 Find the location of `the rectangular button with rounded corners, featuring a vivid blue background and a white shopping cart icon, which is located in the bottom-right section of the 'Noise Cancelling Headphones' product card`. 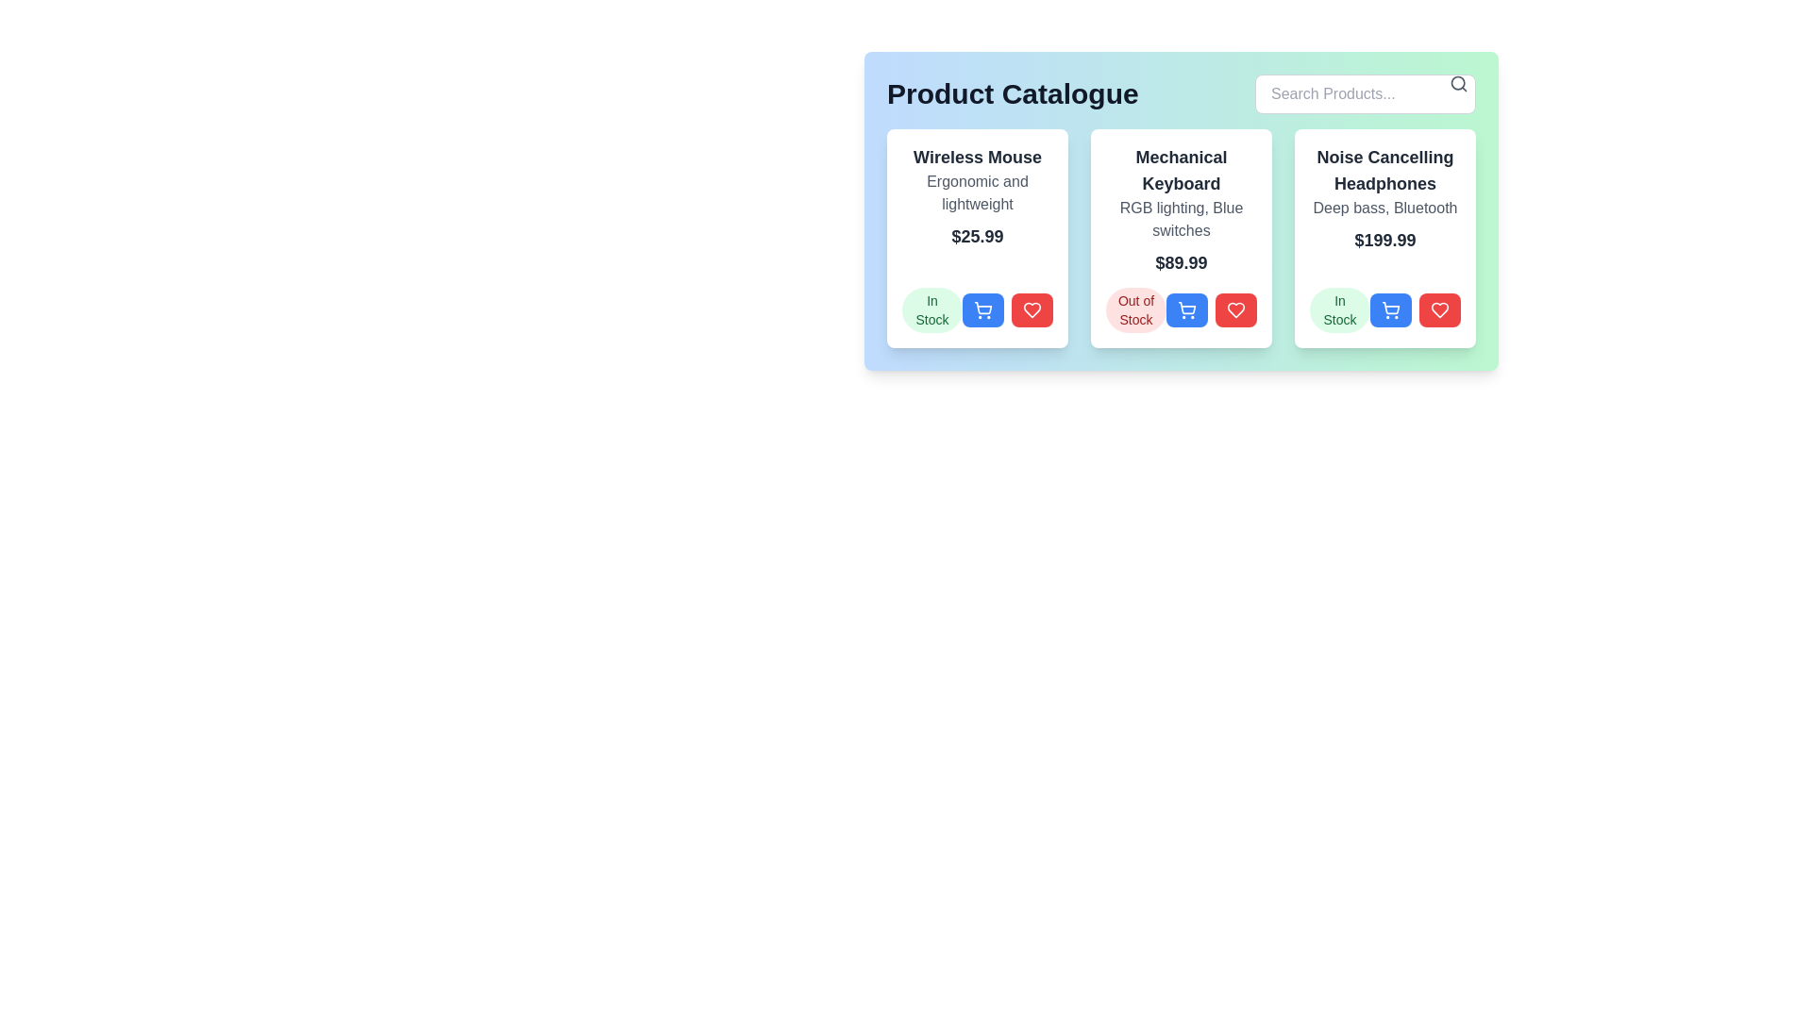

the rectangular button with rounded corners, featuring a vivid blue background and a white shopping cart icon, which is located in the bottom-right section of the 'Noise Cancelling Headphones' product card is located at coordinates (1390, 309).